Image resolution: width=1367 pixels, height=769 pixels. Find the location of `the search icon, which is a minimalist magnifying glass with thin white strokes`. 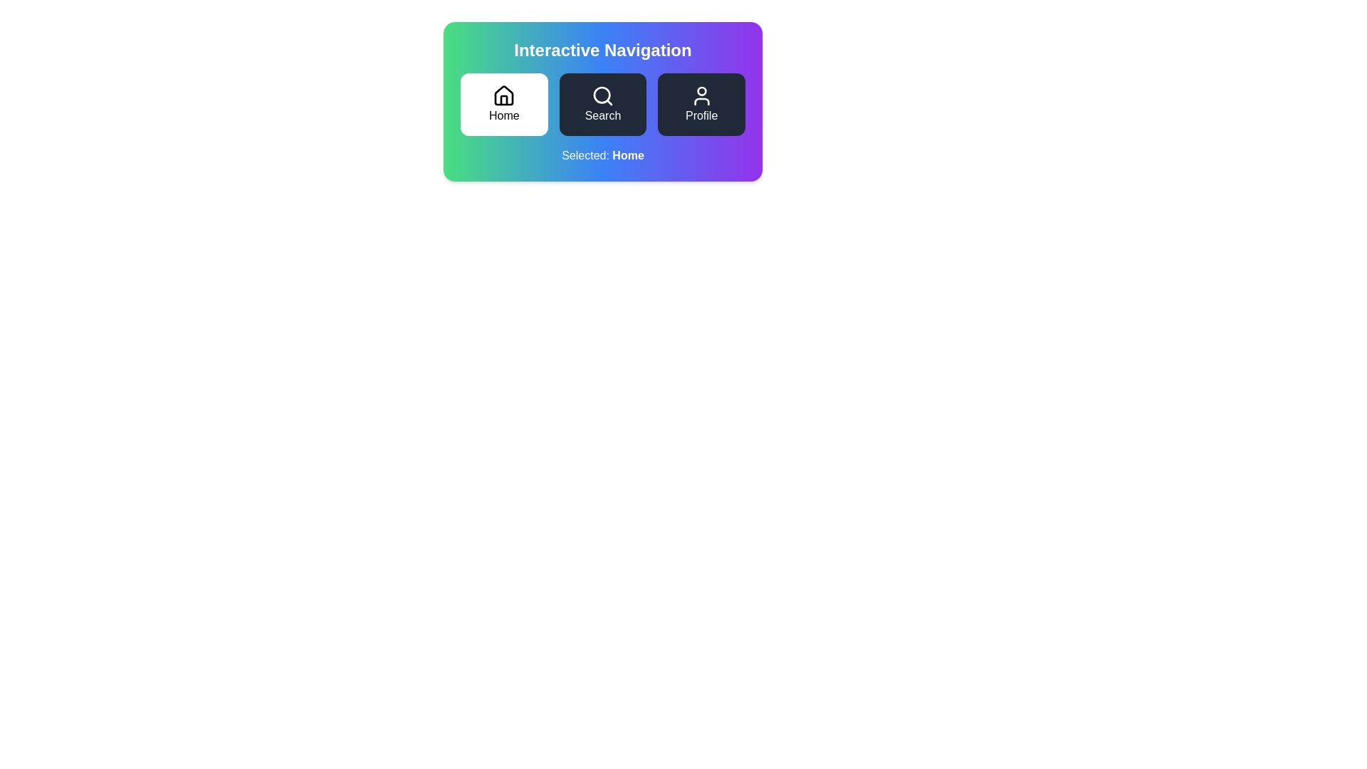

the search icon, which is a minimalist magnifying glass with thin white strokes is located at coordinates (602, 96).